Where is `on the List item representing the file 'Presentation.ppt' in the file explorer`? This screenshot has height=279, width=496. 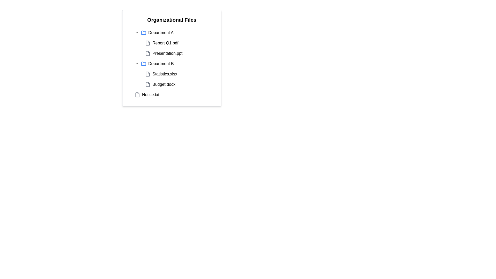
on the List item representing the file 'Presentation.ppt' in the file explorer is located at coordinates (177, 53).